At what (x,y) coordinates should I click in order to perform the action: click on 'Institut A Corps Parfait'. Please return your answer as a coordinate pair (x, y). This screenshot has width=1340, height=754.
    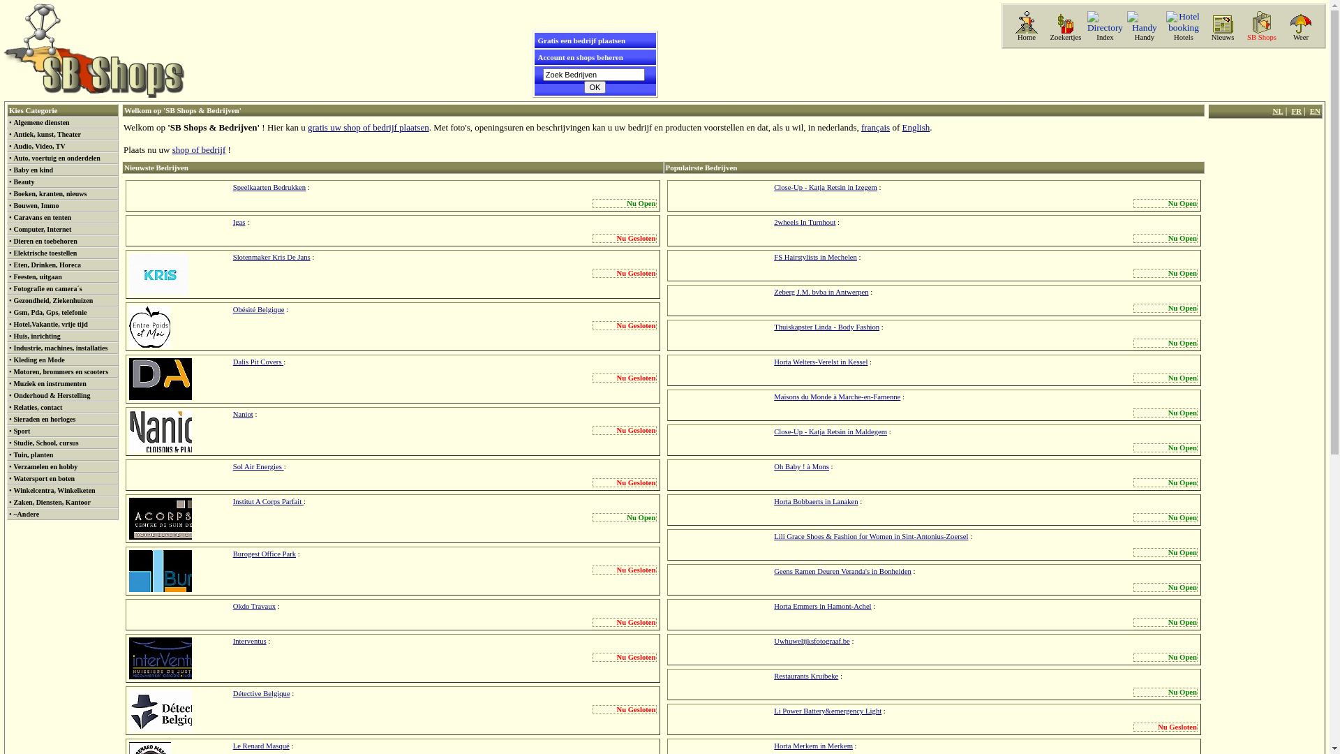
    Looking at the image, I should click on (268, 501).